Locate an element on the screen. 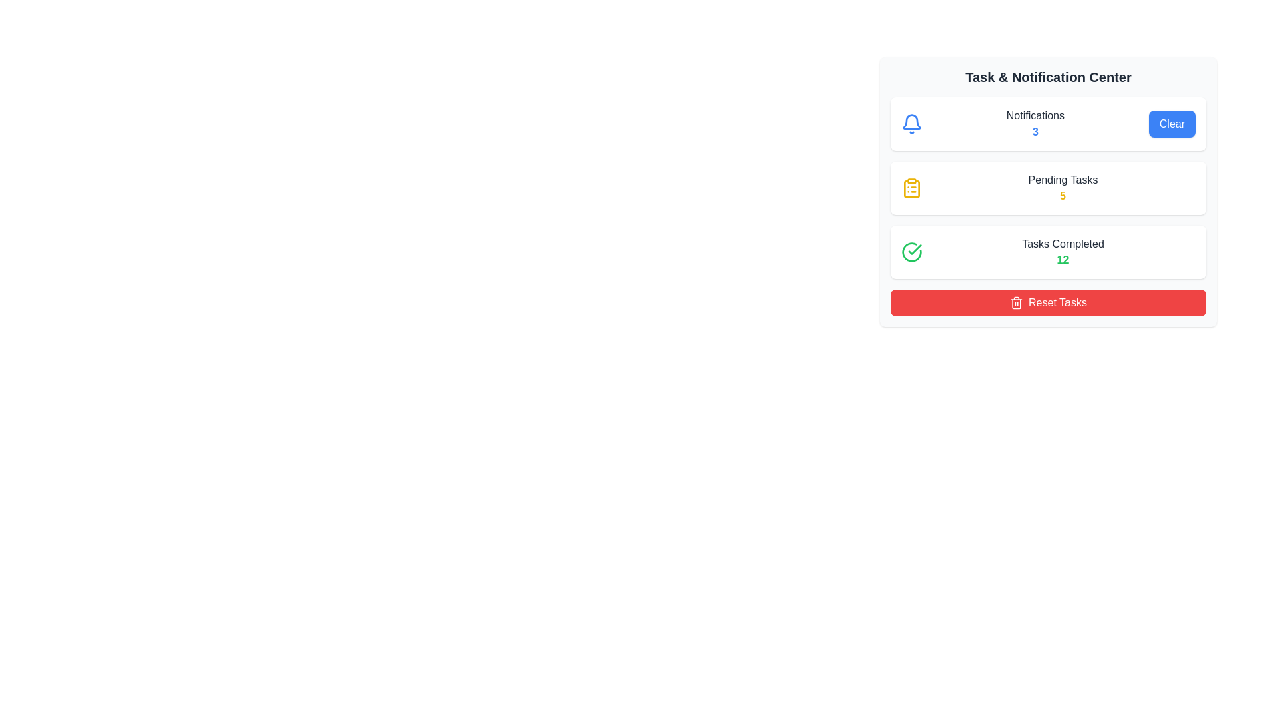 The image size is (1281, 721). the red 'Reset Tasks' button that contains the white trash icon on the left side is located at coordinates (1016, 303).